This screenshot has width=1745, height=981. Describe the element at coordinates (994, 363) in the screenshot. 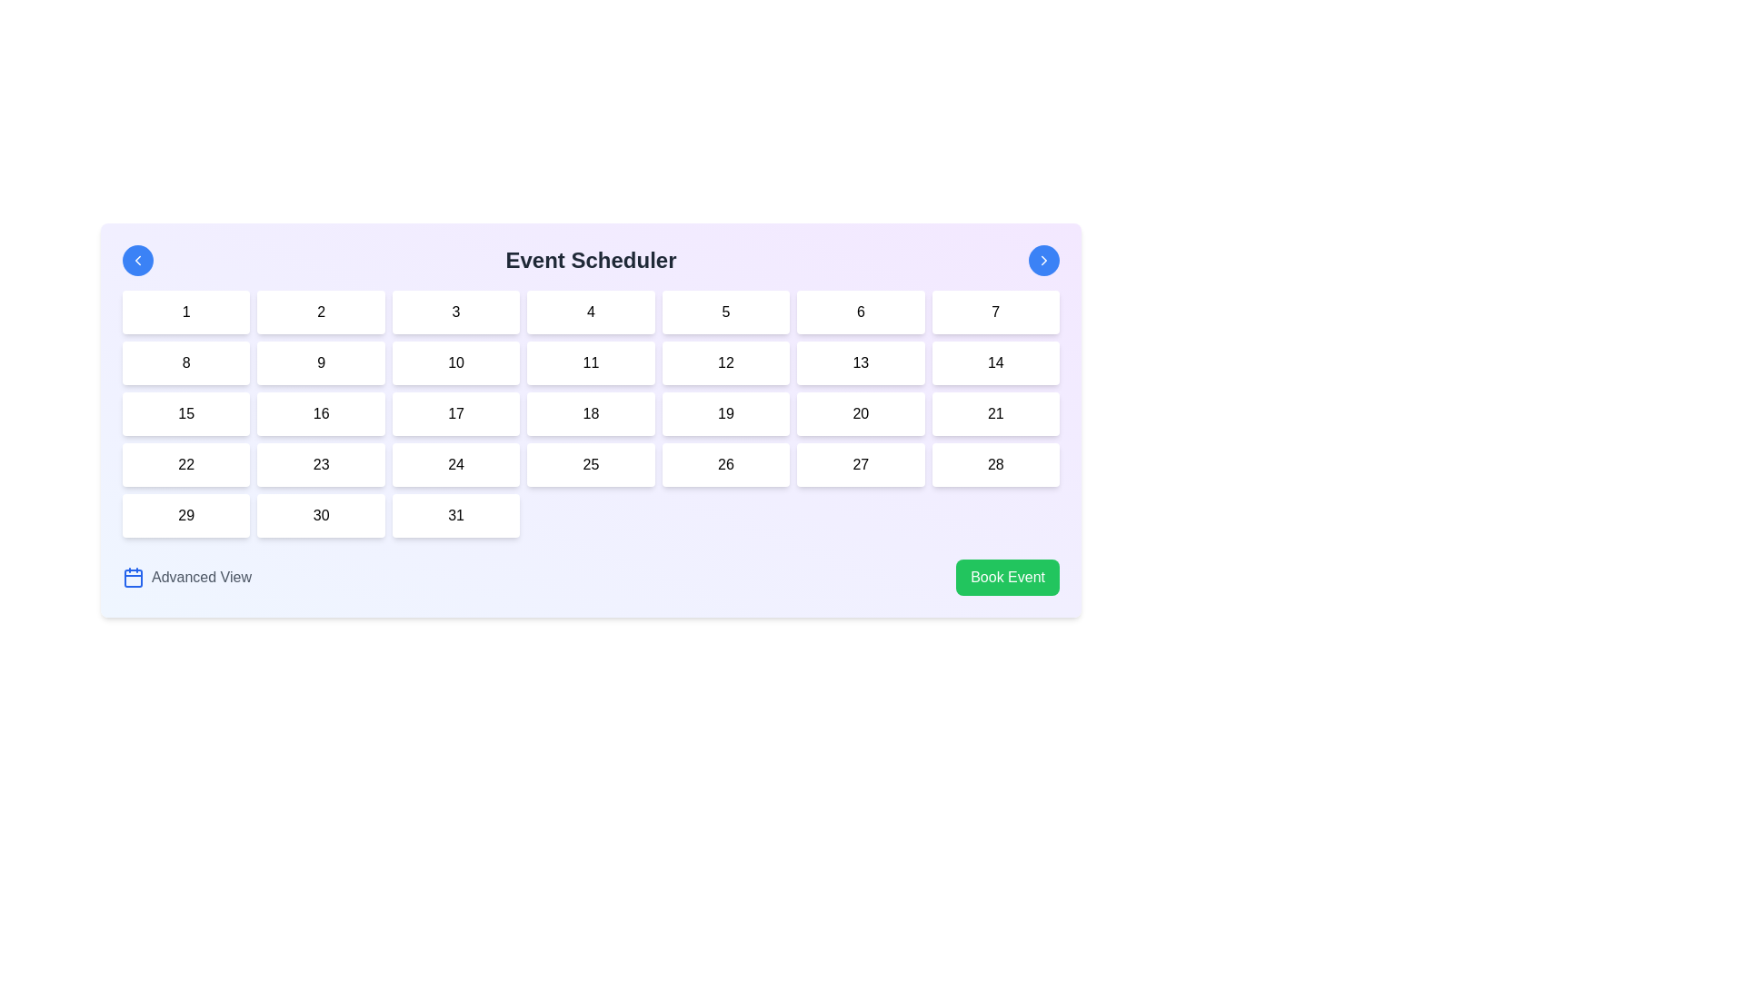

I see `the button displaying '14' in the calendar grid` at that location.